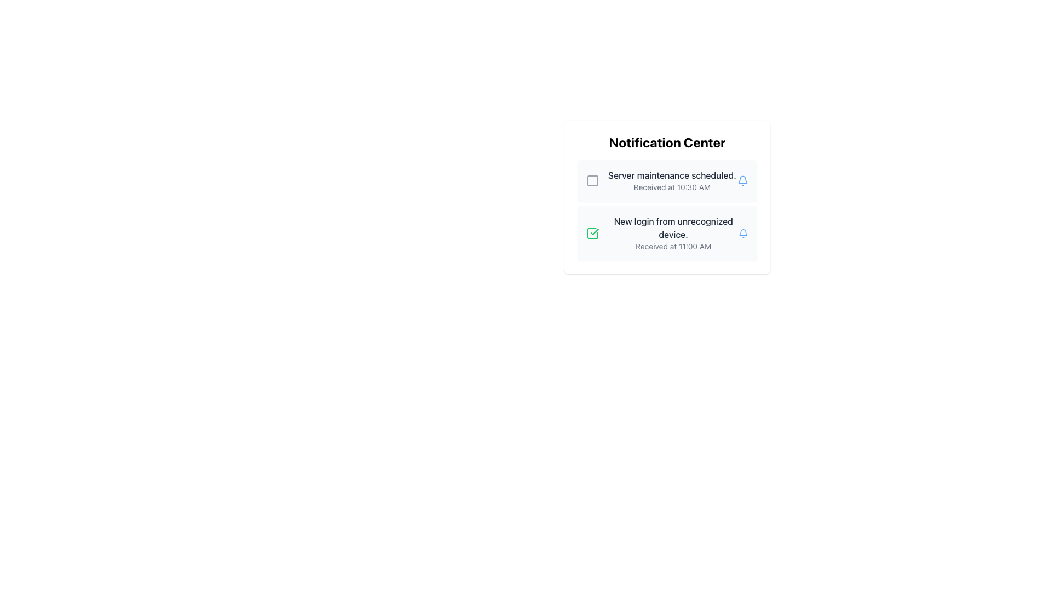 This screenshot has height=592, width=1052. What do you see at coordinates (667, 180) in the screenshot?
I see `the first notification item in the Notification Center that displays information about scheduled server maintenance` at bounding box center [667, 180].